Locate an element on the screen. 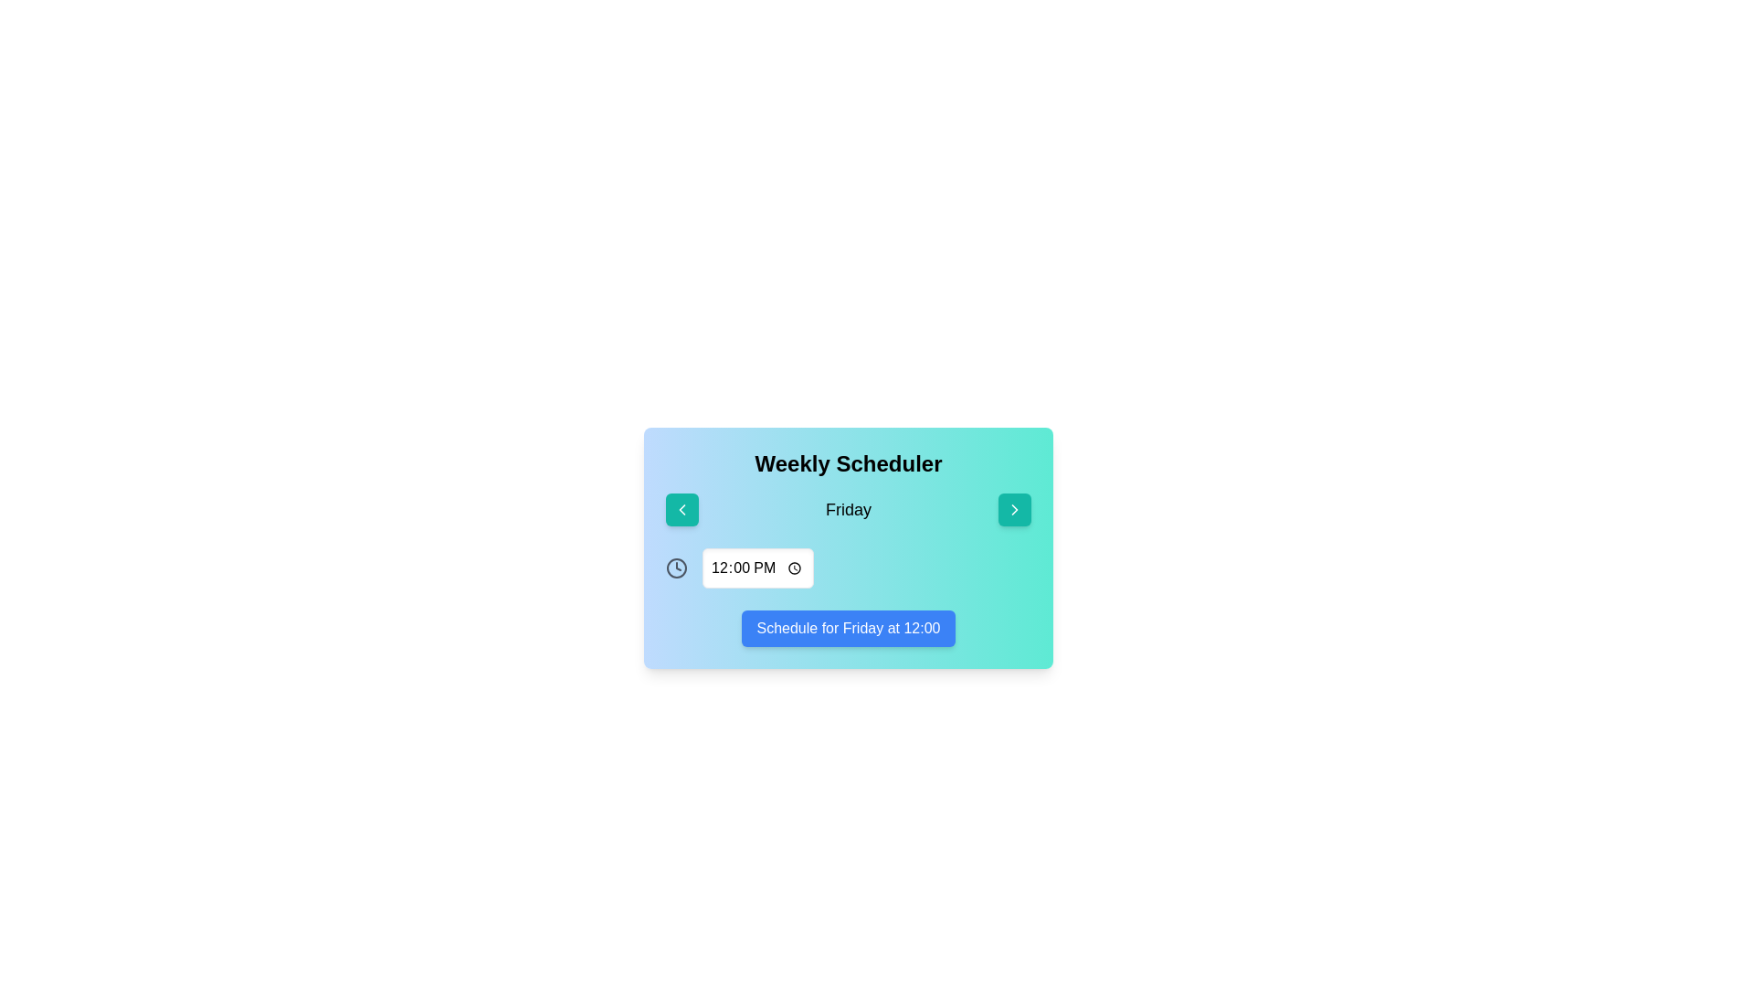 The image size is (1754, 987). the button for navigating to the previous day in the scheduling interface is located at coordinates (682, 510).